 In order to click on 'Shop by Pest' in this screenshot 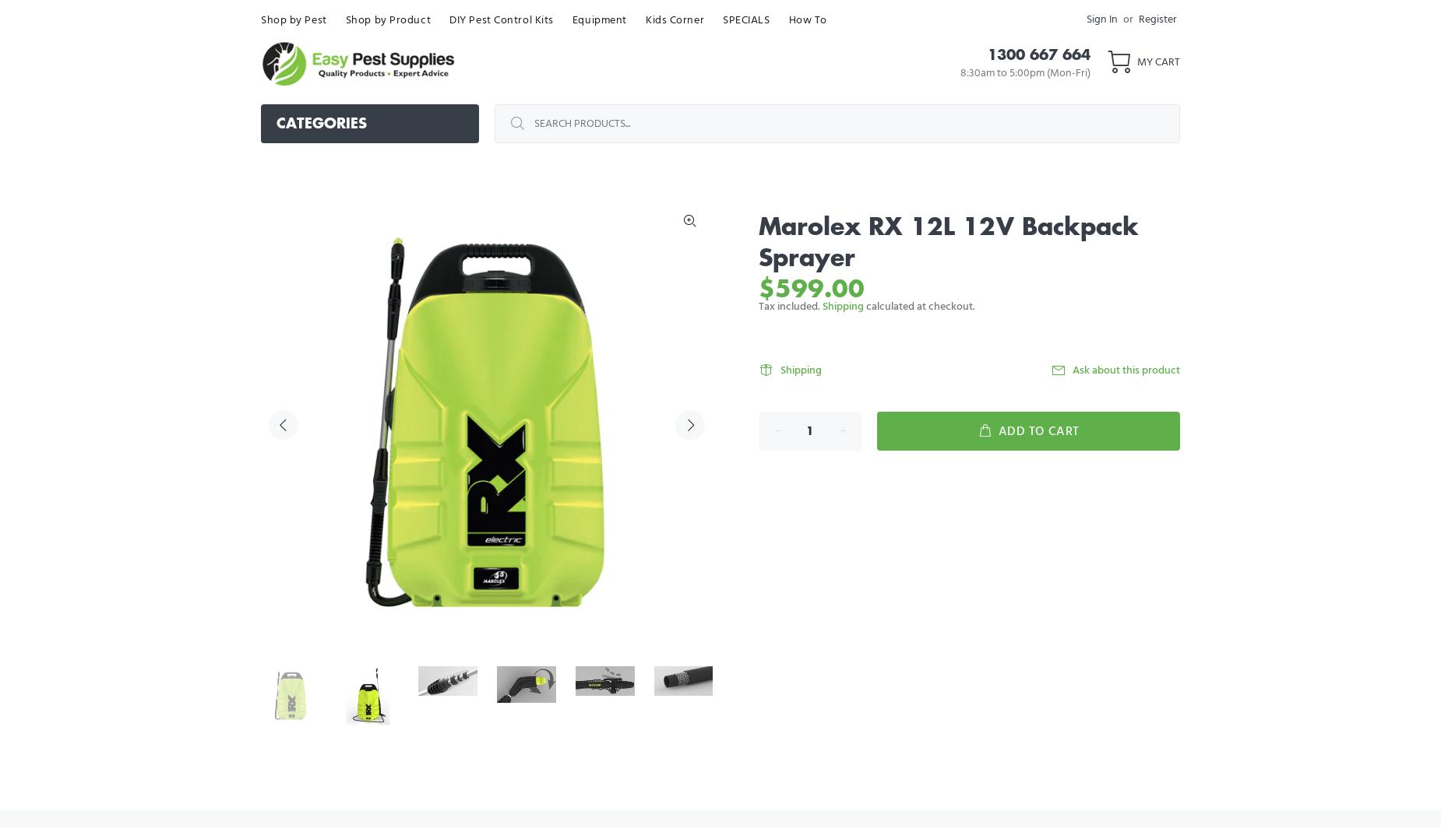, I will do `click(293, 19)`.